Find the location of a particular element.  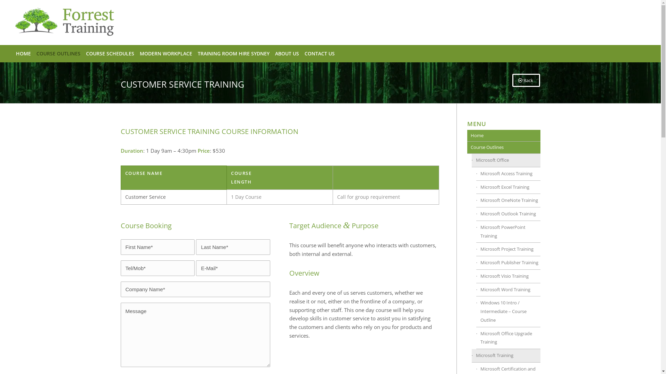

'MODERN WORKPLACE' is located at coordinates (137, 53).